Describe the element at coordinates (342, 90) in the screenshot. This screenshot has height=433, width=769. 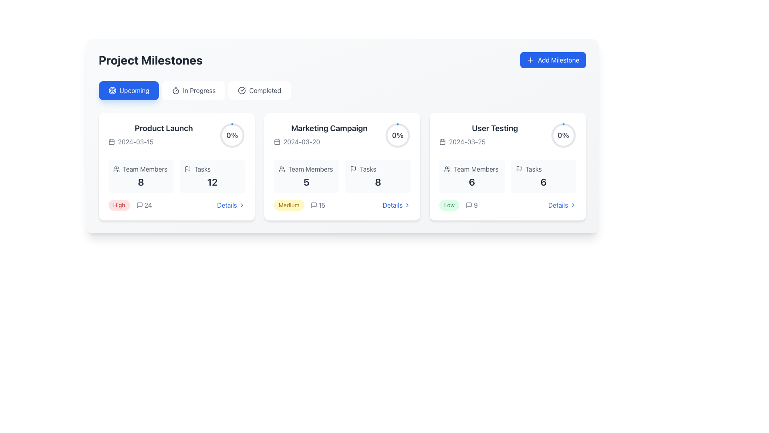
I see `the button labeled 'In Progress' in the segmented control widget` at that location.